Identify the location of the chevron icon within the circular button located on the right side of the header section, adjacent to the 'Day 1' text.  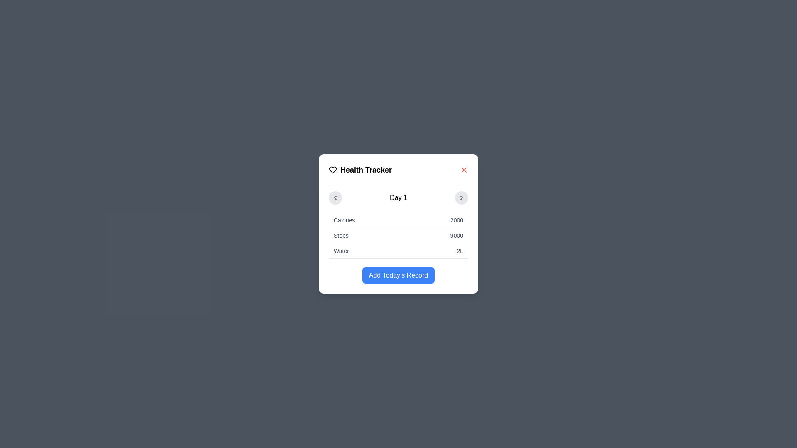
(461, 198).